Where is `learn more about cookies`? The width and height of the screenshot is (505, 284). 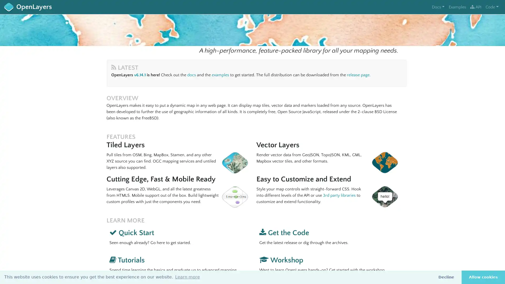
learn more about cookies is located at coordinates (188, 277).